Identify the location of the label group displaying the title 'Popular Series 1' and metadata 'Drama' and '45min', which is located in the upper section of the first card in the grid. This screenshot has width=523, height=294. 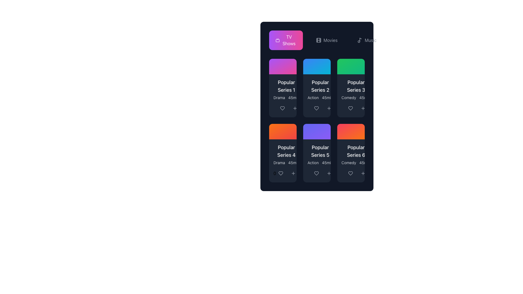
(286, 89).